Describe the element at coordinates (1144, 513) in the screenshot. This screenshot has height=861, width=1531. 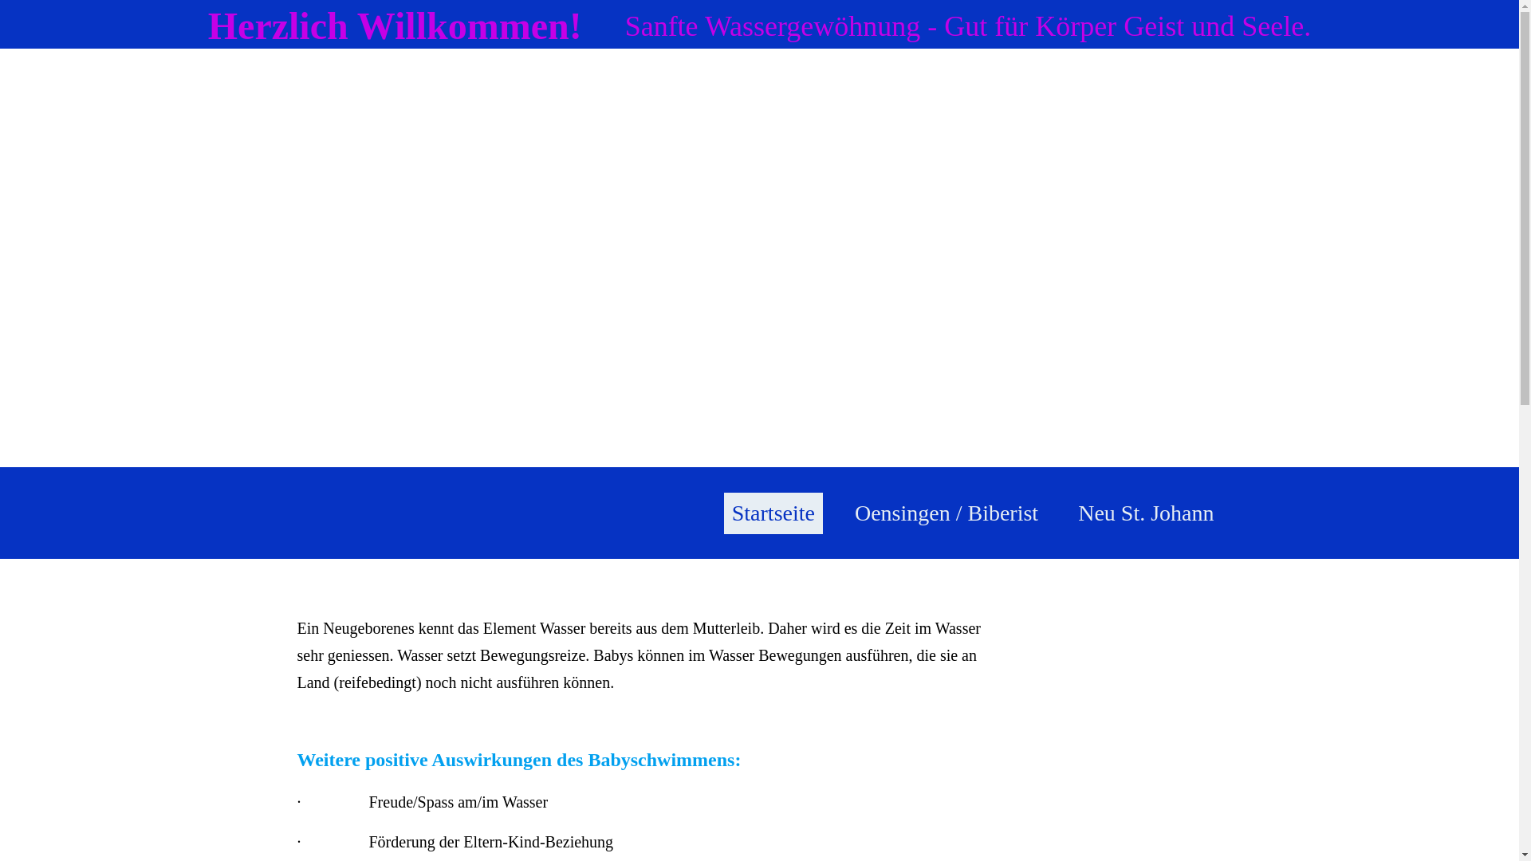
I see `'Neu St. Johann'` at that location.